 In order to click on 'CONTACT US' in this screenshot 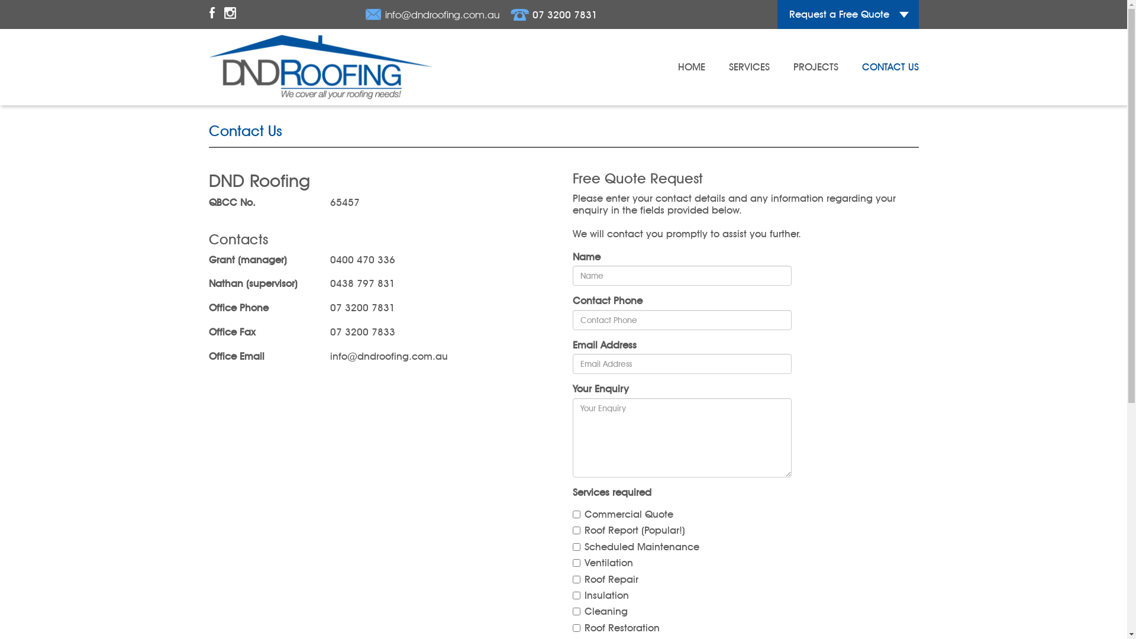, I will do `click(889, 66)`.